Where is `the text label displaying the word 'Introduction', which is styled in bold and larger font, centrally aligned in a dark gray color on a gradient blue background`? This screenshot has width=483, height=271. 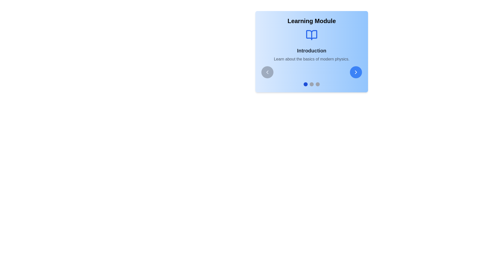
the text label displaying the word 'Introduction', which is styled in bold and larger font, centrally aligned in a dark gray color on a gradient blue background is located at coordinates (311, 50).